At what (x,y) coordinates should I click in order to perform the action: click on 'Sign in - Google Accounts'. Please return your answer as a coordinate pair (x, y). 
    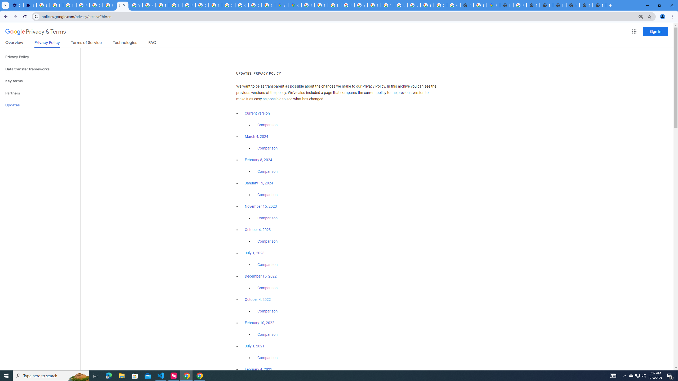
    Looking at the image, I should click on (43, 5).